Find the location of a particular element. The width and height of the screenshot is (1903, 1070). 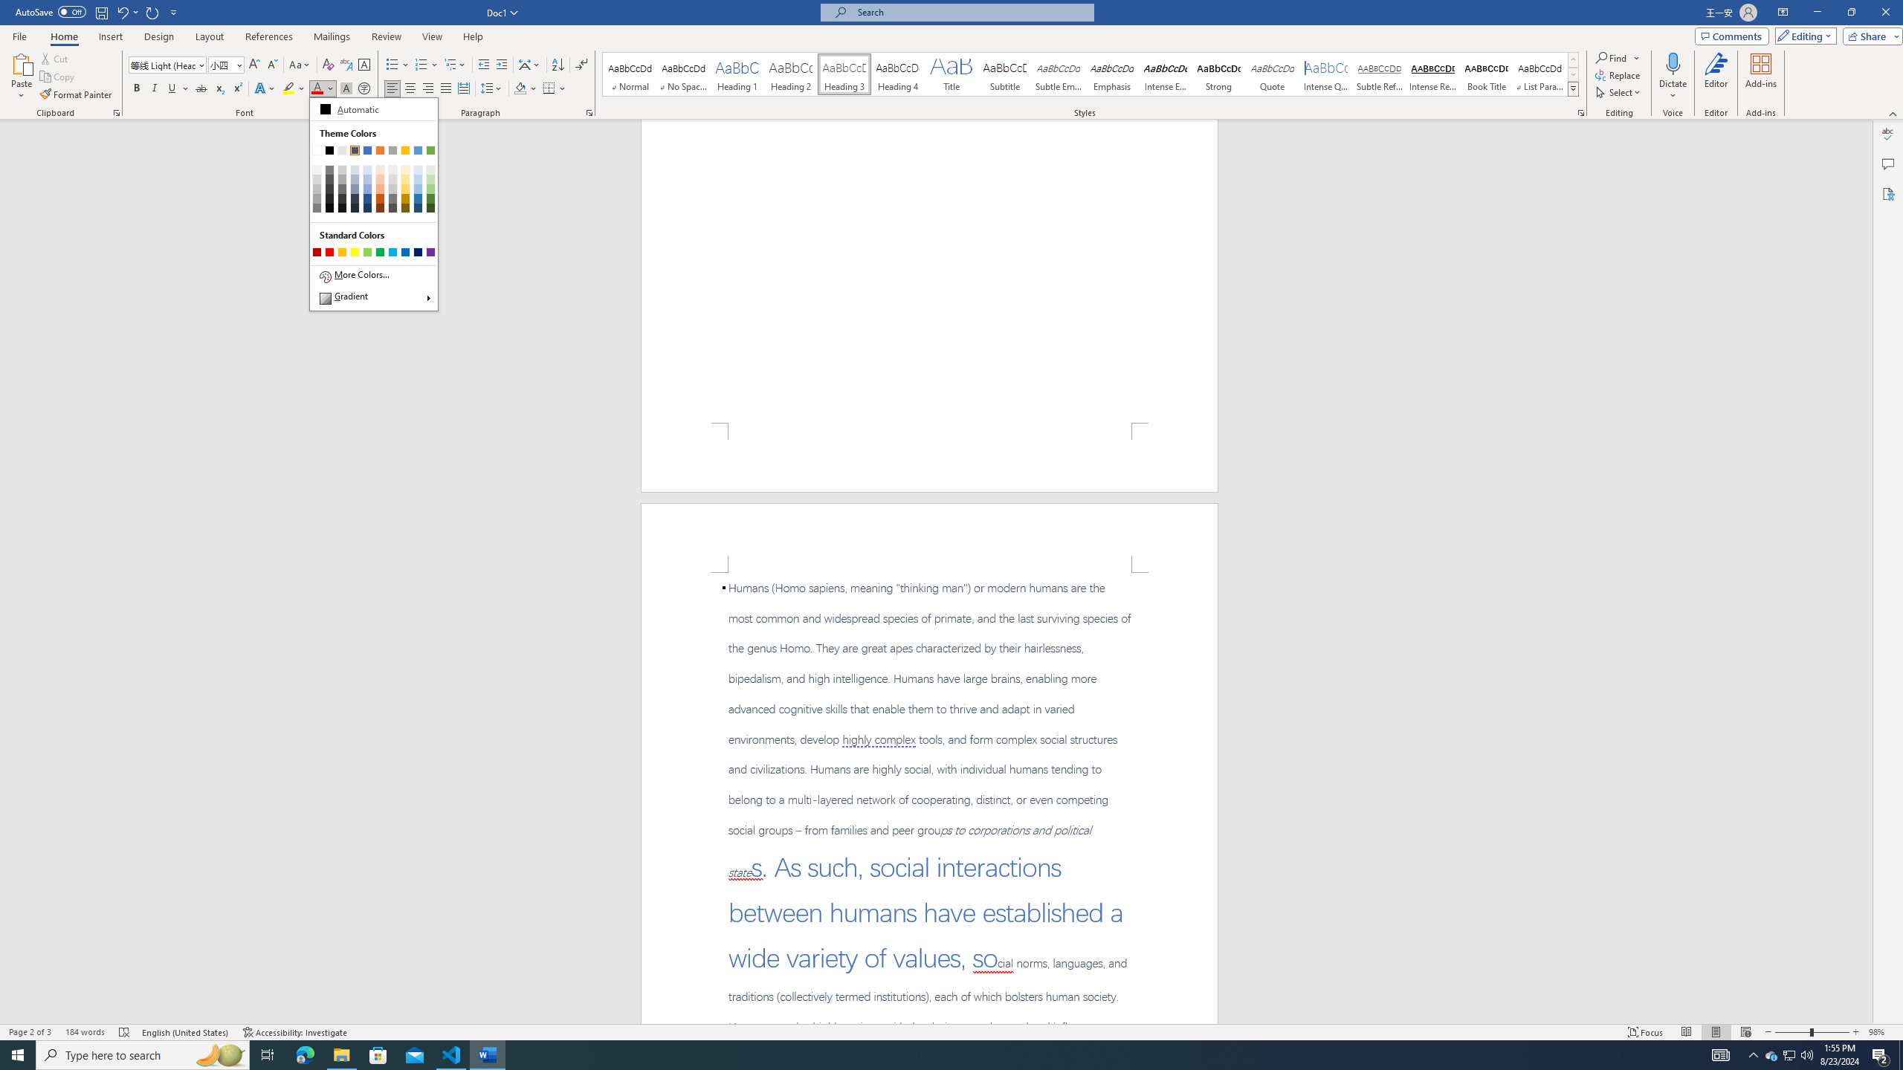

'Review' is located at coordinates (385, 36).